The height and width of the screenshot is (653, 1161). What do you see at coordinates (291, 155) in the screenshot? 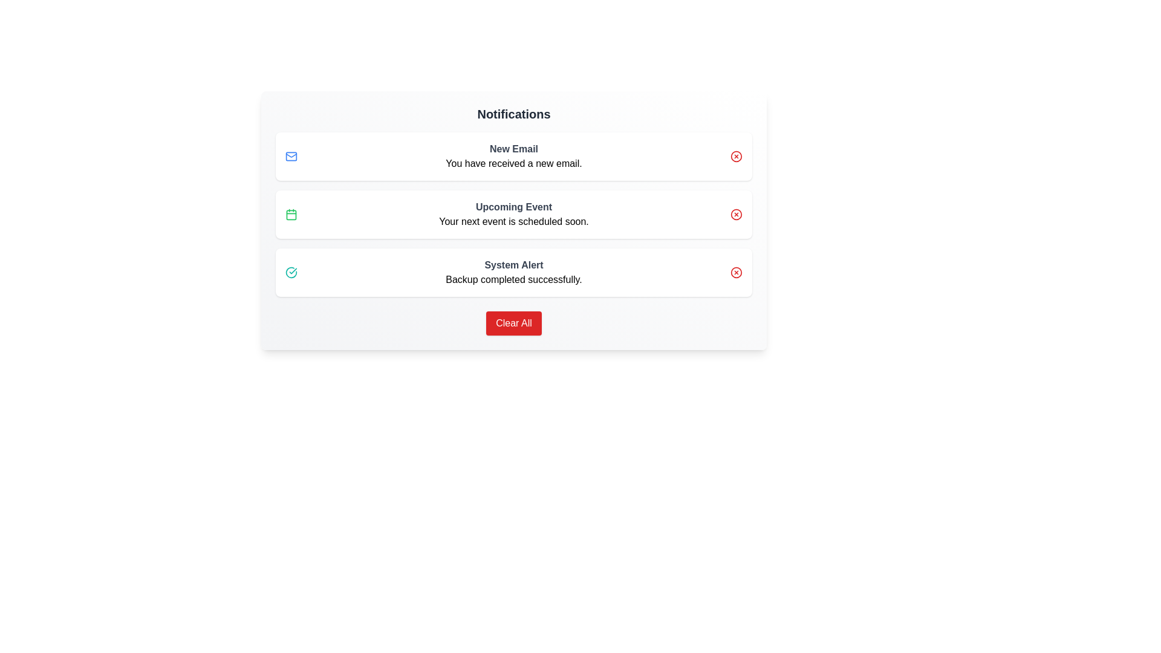
I see `the envelope icon that is part of the notification list adjacent to the 'New Email' text` at bounding box center [291, 155].